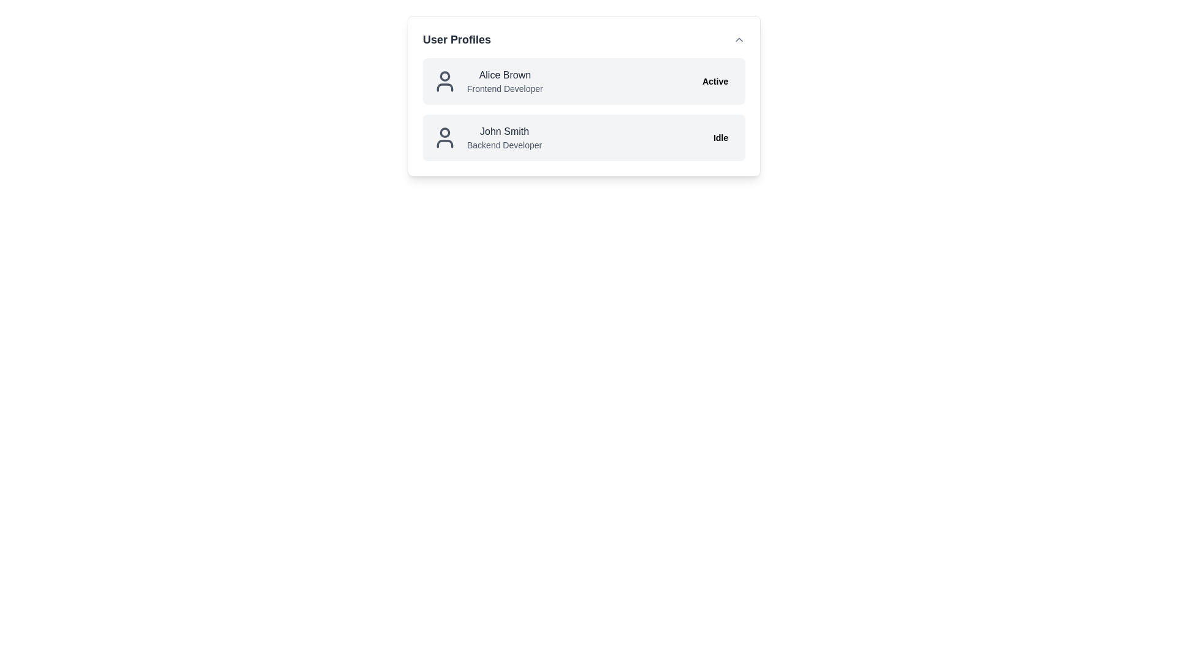 The image size is (1177, 662). What do you see at coordinates (487, 81) in the screenshot?
I see `the top profile summary list item for 'Alice Brown'` at bounding box center [487, 81].